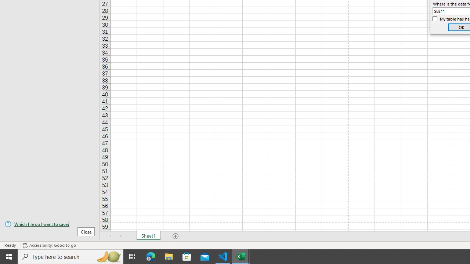 This screenshot has width=470, height=264. What do you see at coordinates (49, 245) in the screenshot?
I see `'Accessibility Checker Accessibility: Good to go'` at bounding box center [49, 245].